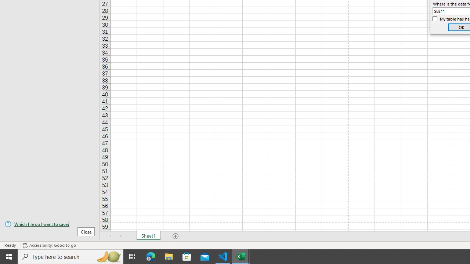 This screenshot has width=470, height=264. What do you see at coordinates (49, 245) in the screenshot?
I see `'Accessibility Checker Accessibility: Good to go'` at bounding box center [49, 245].